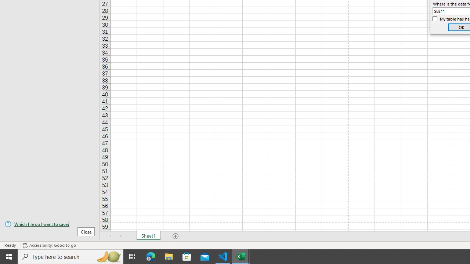 This screenshot has width=470, height=264. What do you see at coordinates (49, 245) in the screenshot?
I see `'Accessibility Checker Accessibility: Good to go'` at bounding box center [49, 245].